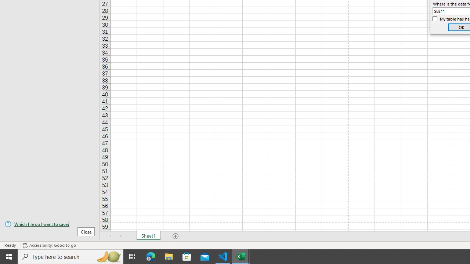 This screenshot has width=470, height=264. What do you see at coordinates (49, 245) in the screenshot?
I see `'Accessibility Checker Accessibility: Good to go'` at bounding box center [49, 245].